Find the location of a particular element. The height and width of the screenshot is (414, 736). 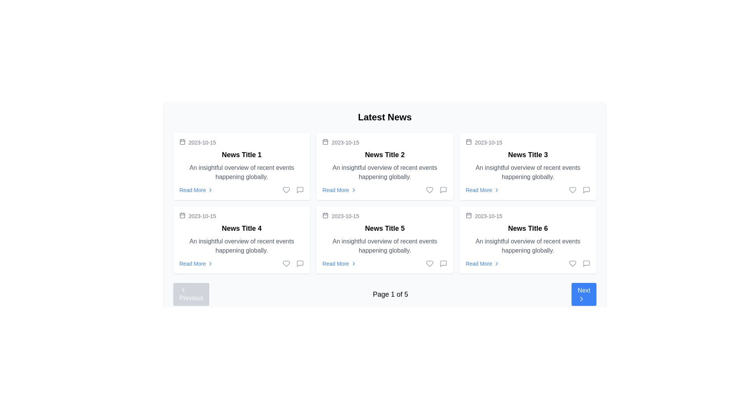

the 'Read More' text link styled in blue located at the lower left of the 'News Title 4' card is located at coordinates (192, 263).